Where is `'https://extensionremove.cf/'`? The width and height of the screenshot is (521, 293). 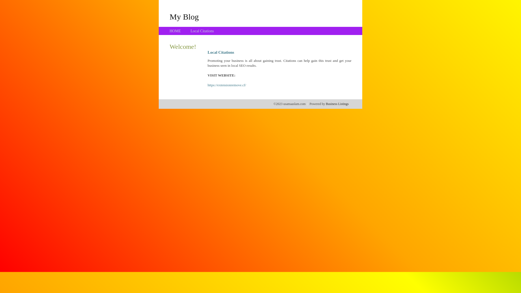
'https://extensionremove.cf/' is located at coordinates (207, 85).